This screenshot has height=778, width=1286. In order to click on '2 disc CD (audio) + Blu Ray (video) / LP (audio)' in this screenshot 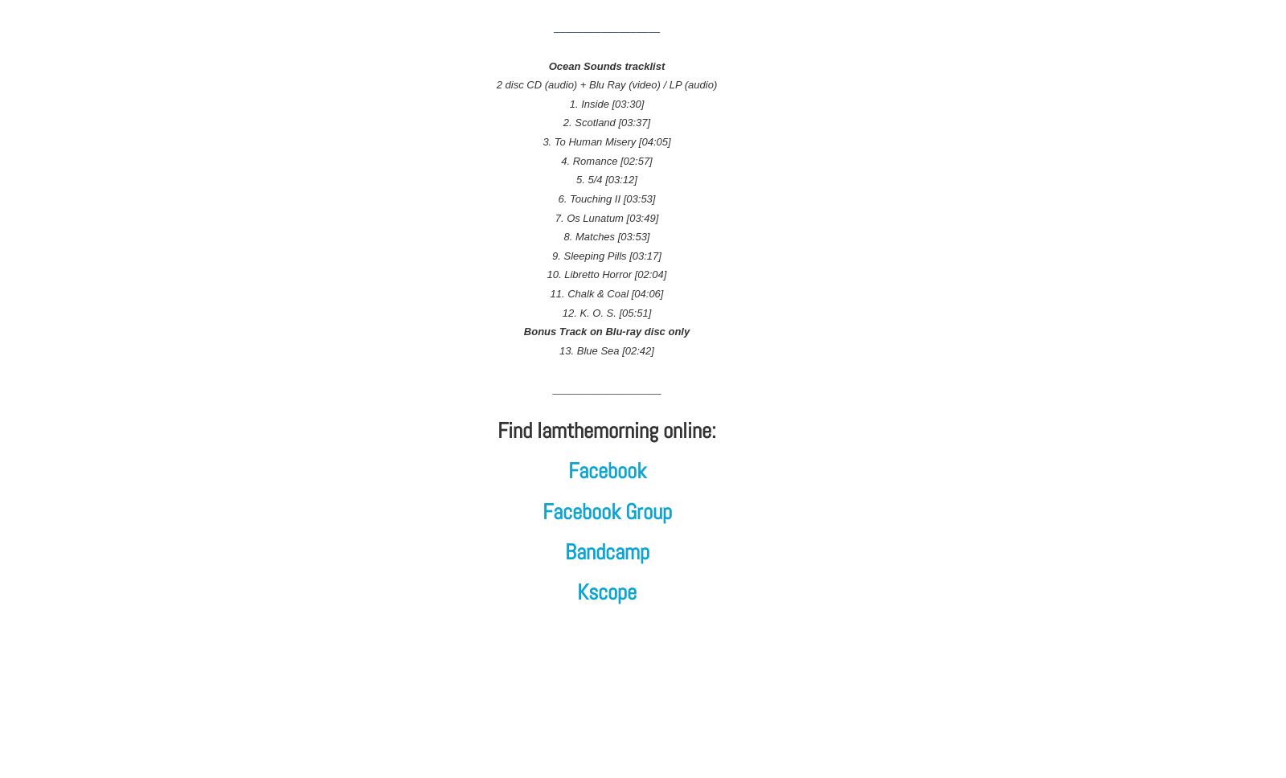, I will do `click(606, 84)`.